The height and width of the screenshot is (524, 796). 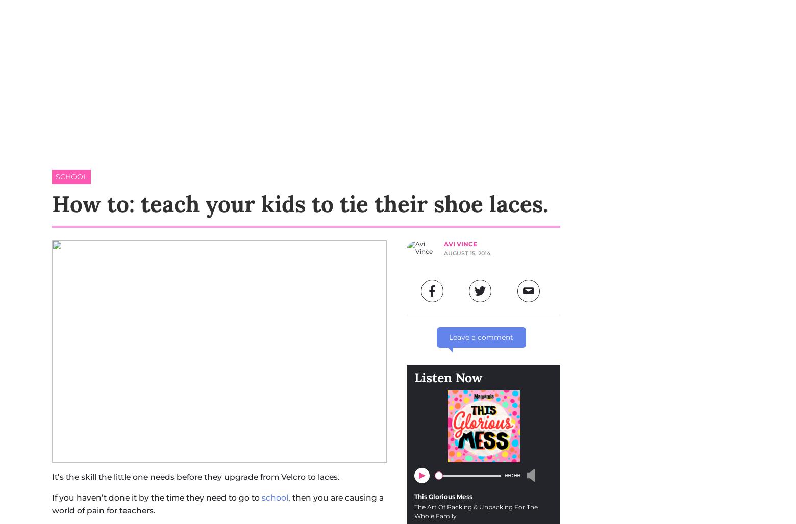 I want to click on 'And do the same to the other.', so click(x=219, y=16).